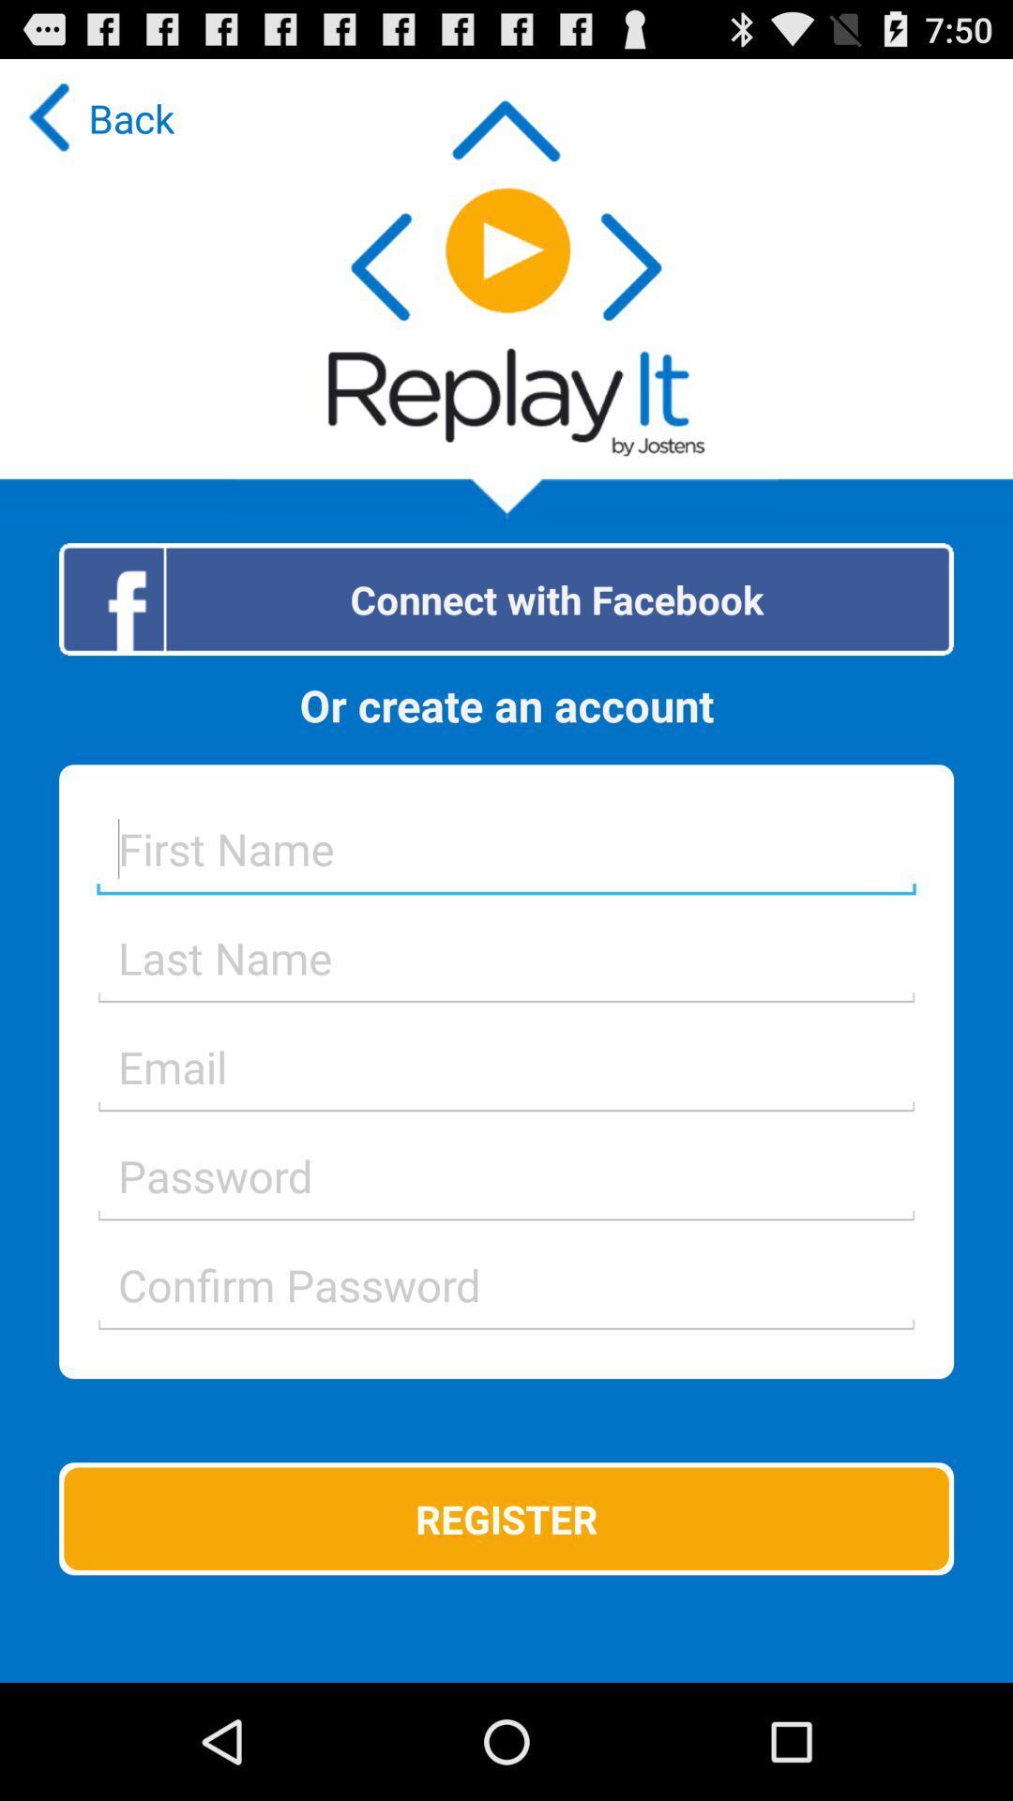  I want to click on email, so click(506, 1067).